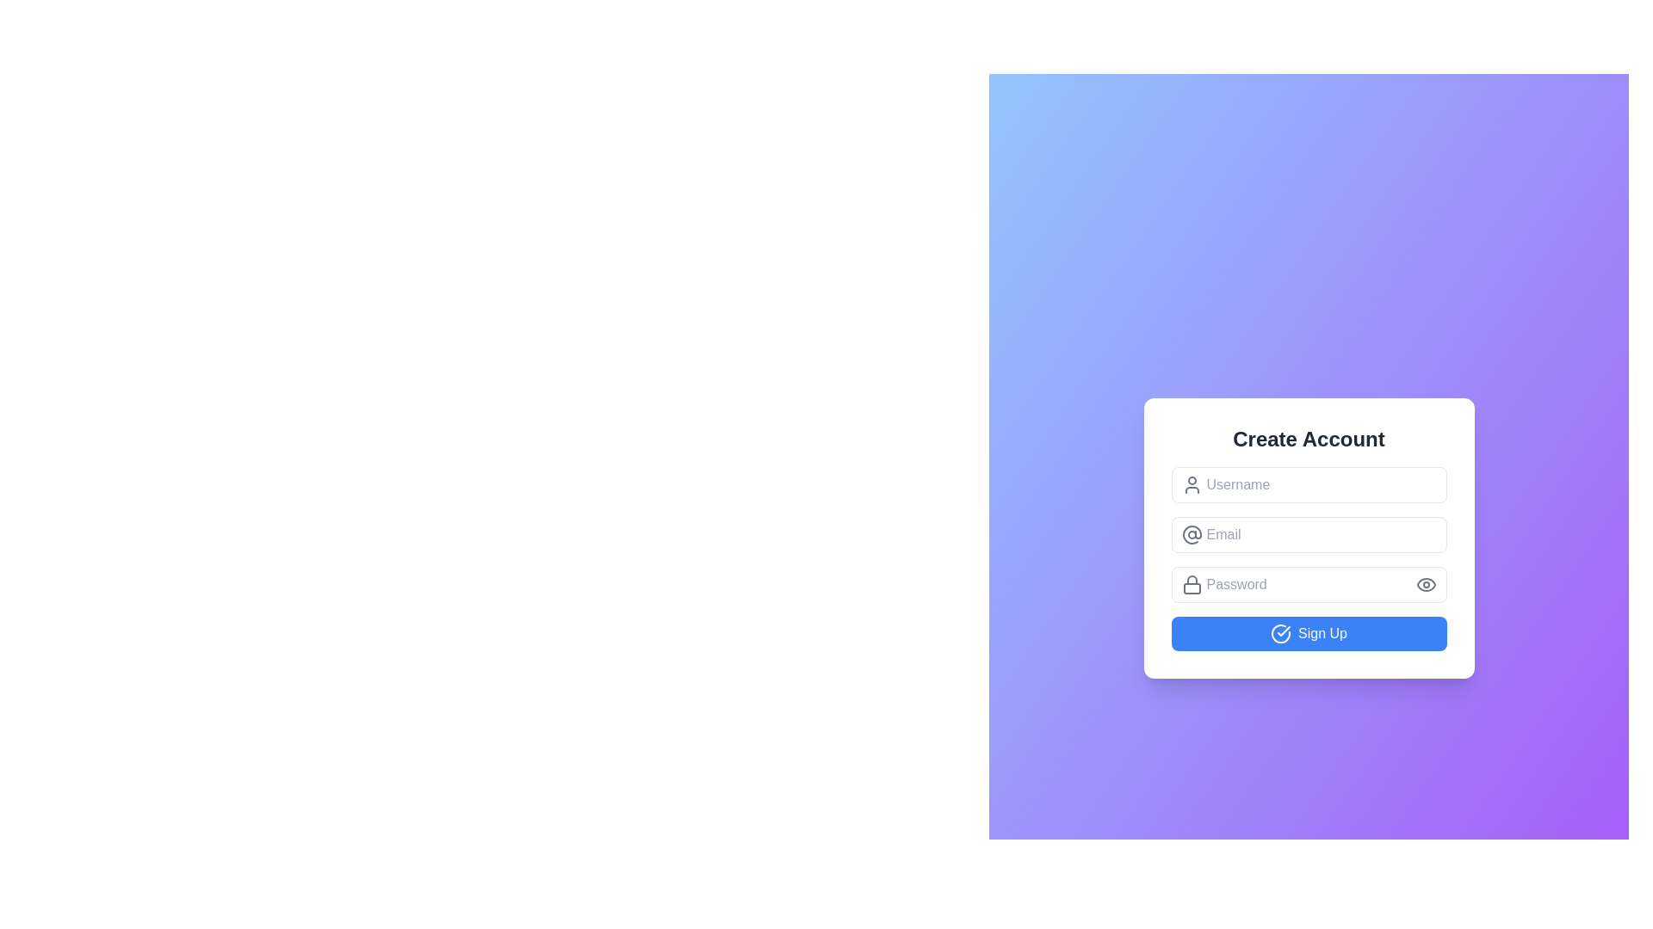 This screenshot has width=1653, height=929. I want to click on the decorative vector graphic icon (checkmark) located at the center of the circular icon on the 'Sign Up' button, so click(1284, 631).